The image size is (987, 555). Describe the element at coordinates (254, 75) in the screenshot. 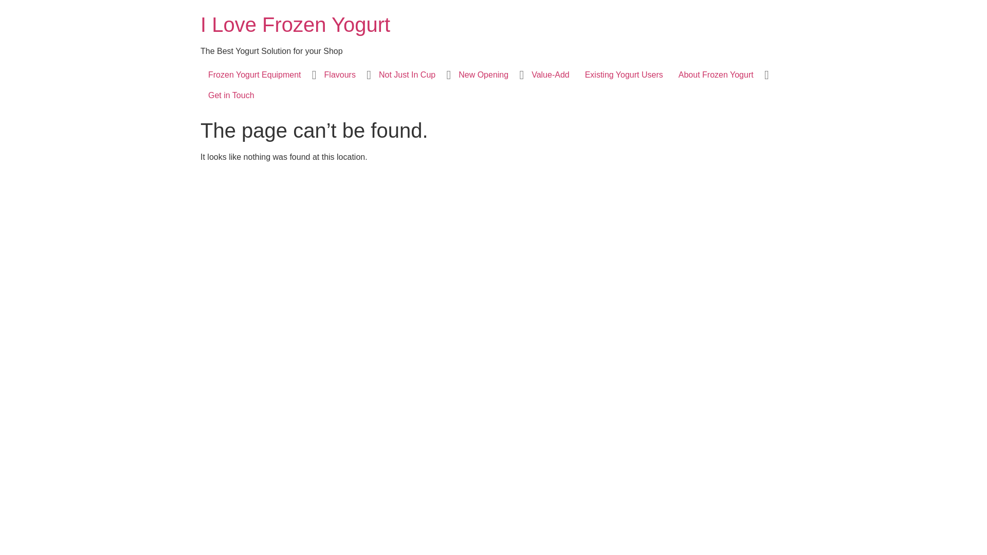

I see `'Frozen Yogurt Equipment'` at that location.